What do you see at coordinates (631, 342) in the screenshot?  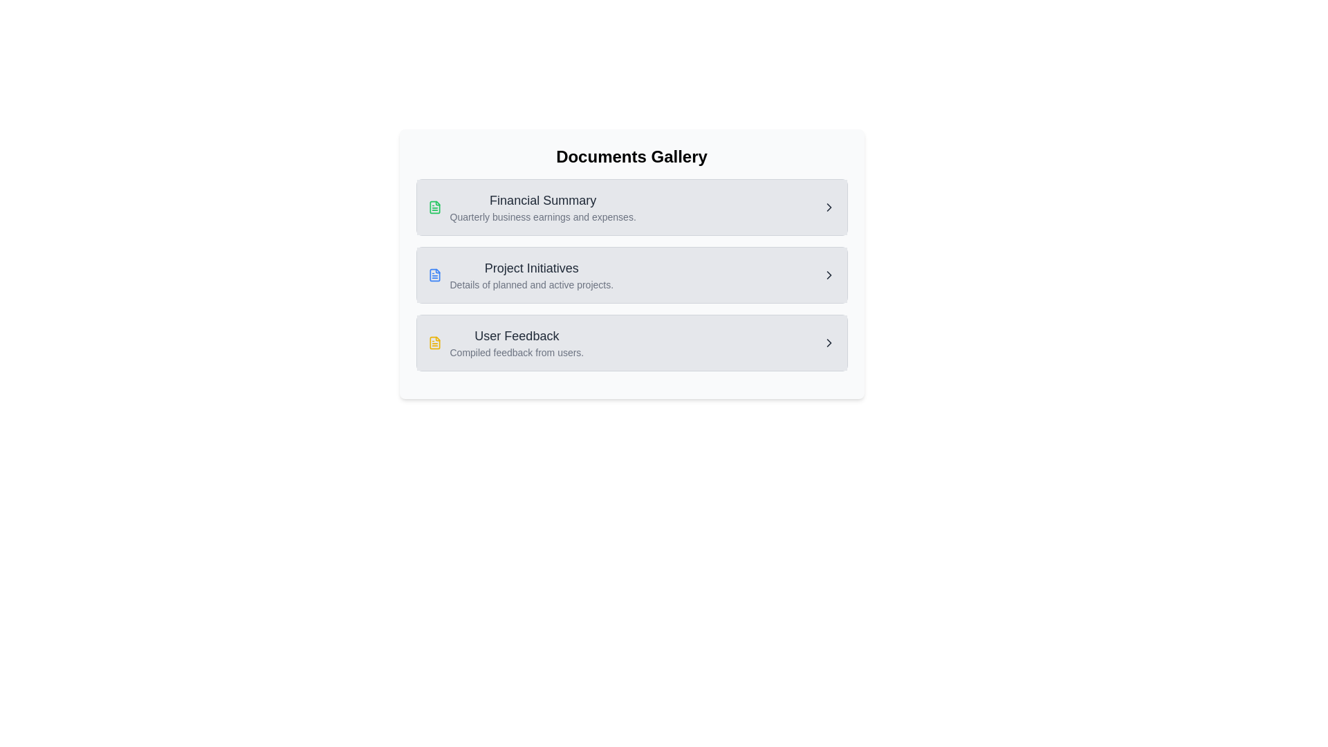 I see `the third navigation link in the vertical list` at bounding box center [631, 342].